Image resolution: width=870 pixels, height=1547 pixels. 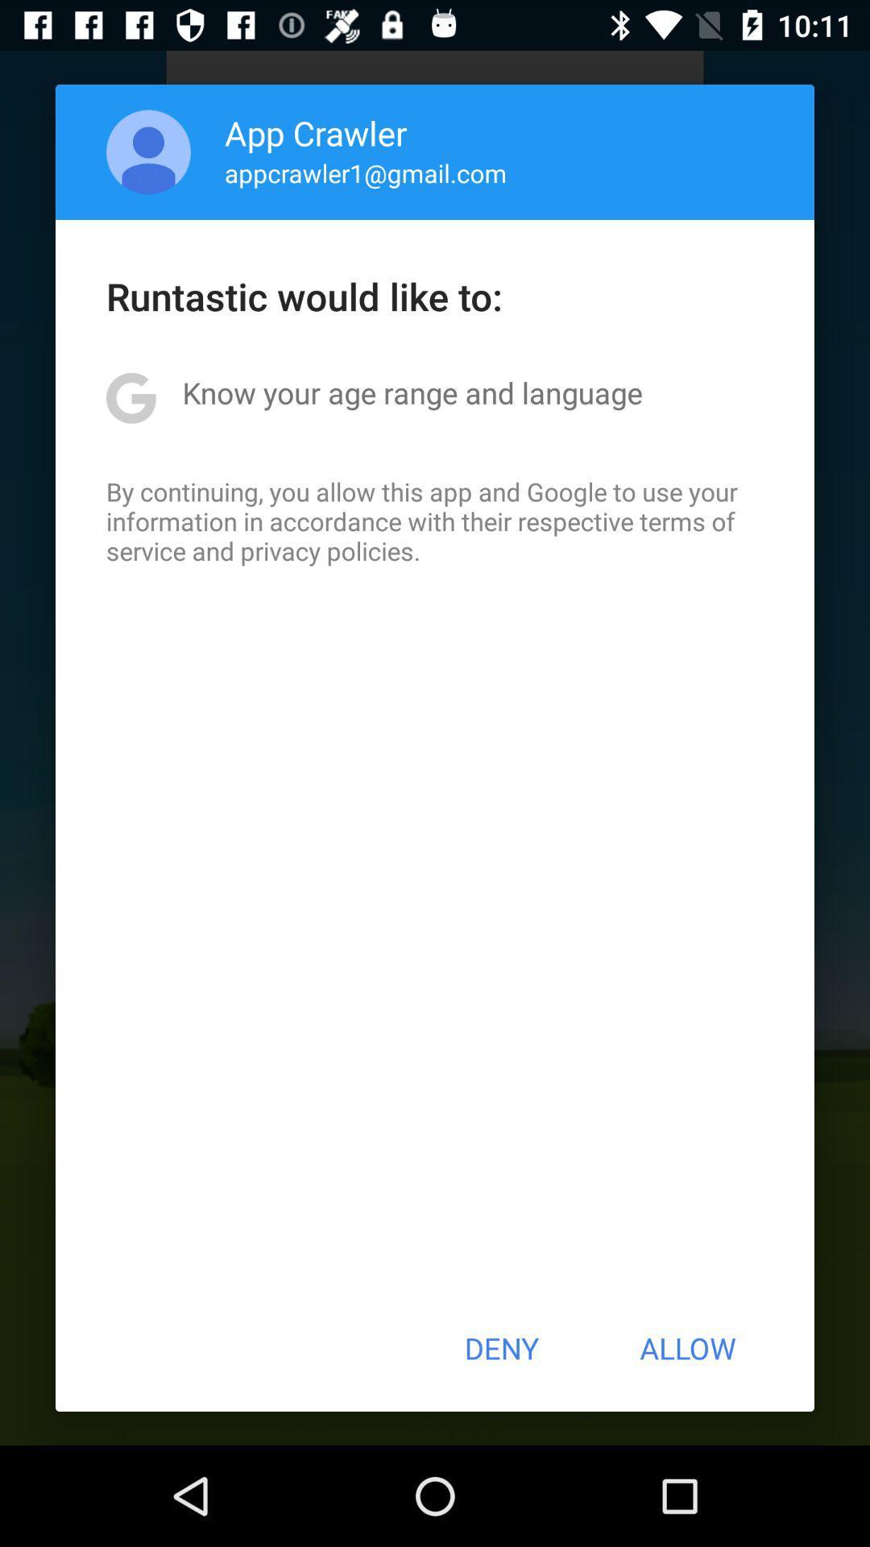 What do you see at coordinates (316, 132) in the screenshot?
I see `icon above appcrawler1@gmail.com icon` at bounding box center [316, 132].